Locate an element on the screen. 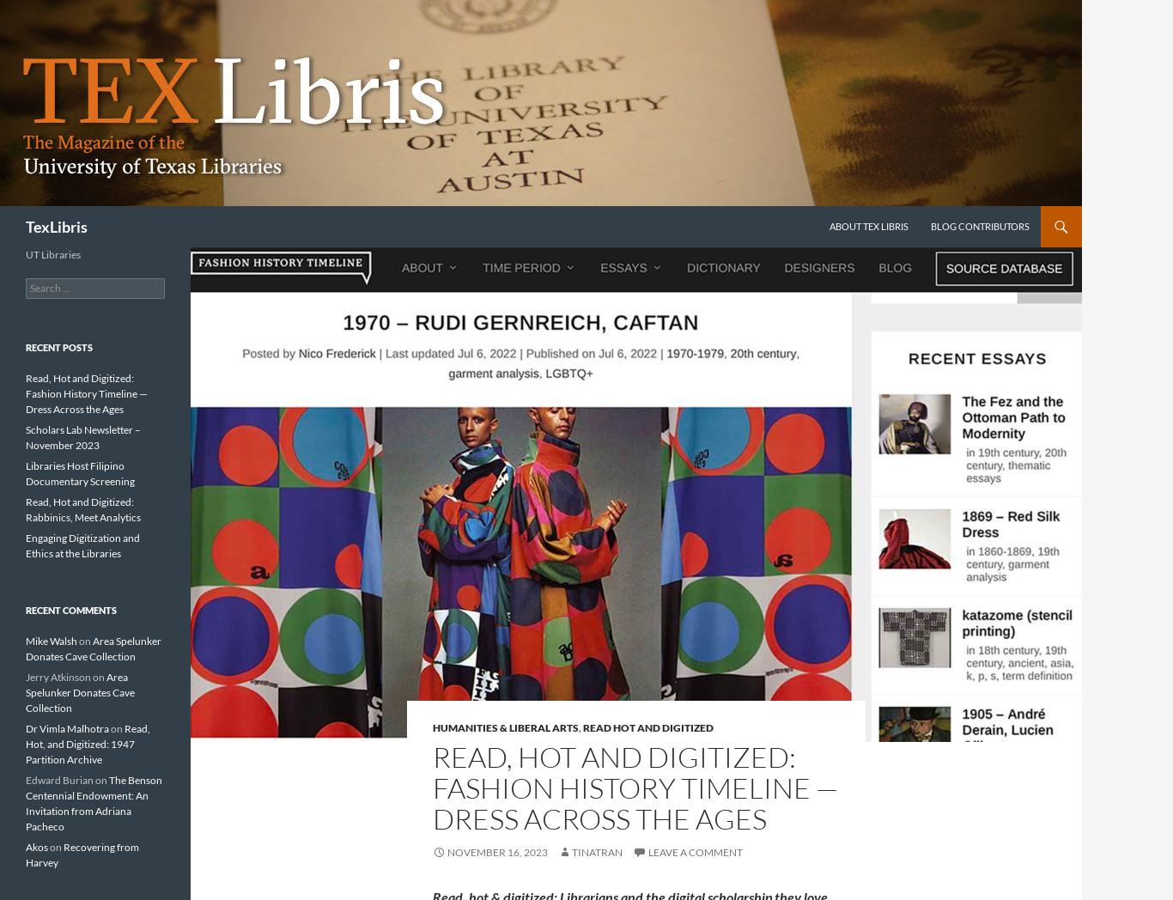 Image resolution: width=1173 pixels, height=900 pixels. 'Read Hot and Digitized' is located at coordinates (647, 727).